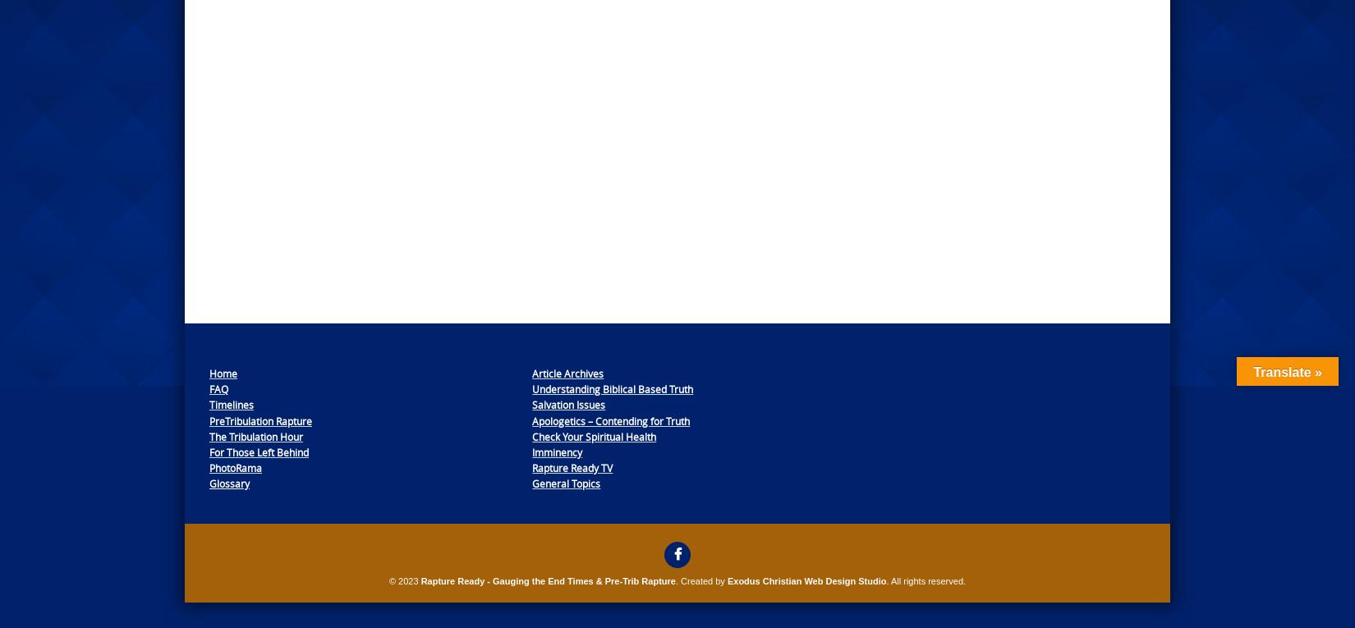  What do you see at coordinates (218, 388) in the screenshot?
I see `'FAQ'` at bounding box center [218, 388].